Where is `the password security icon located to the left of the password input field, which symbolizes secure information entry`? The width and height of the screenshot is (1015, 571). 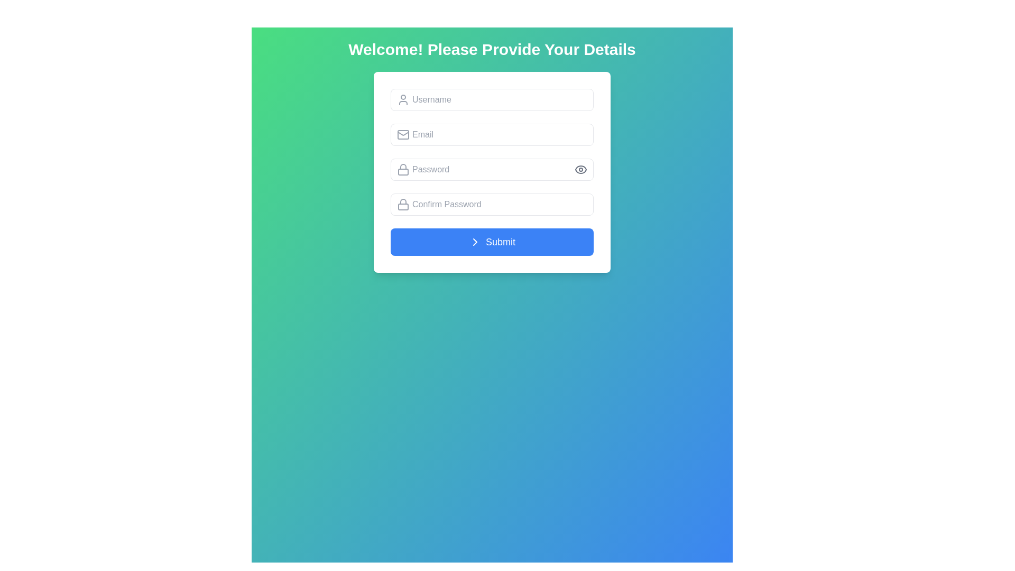
the password security icon located to the left of the password input field, which symbolizes secure information entry is located at coordinates (403, 169).